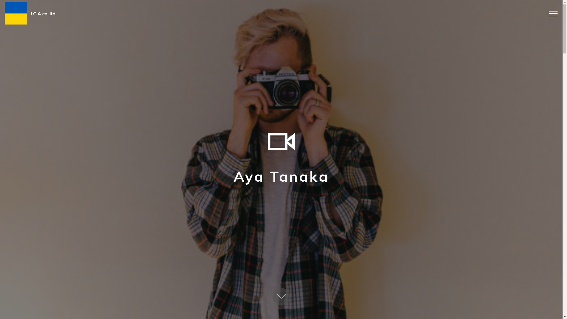  Describe the element at coordinates (43, 13) in the screenshot. I see `'I.C.A.co.,ltd.'` at that location.